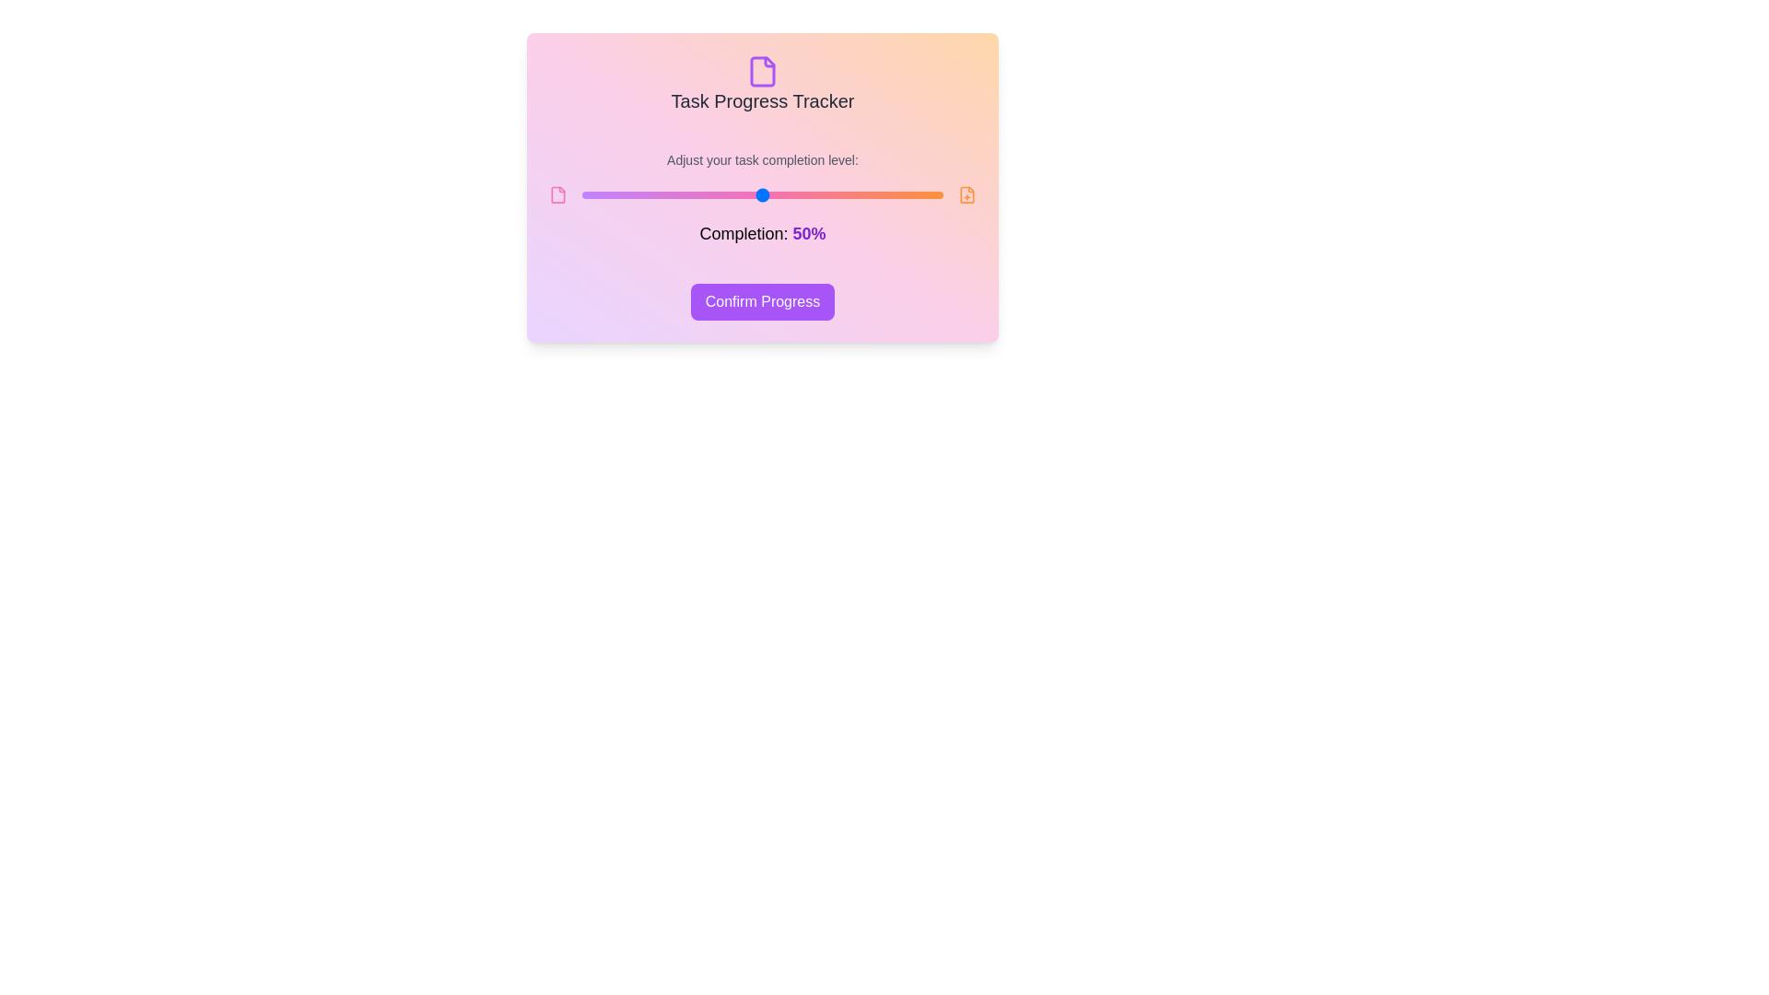 The image size is (1769, 995). I want to click on the slider to set the progress to 81%, so click(873, 195).